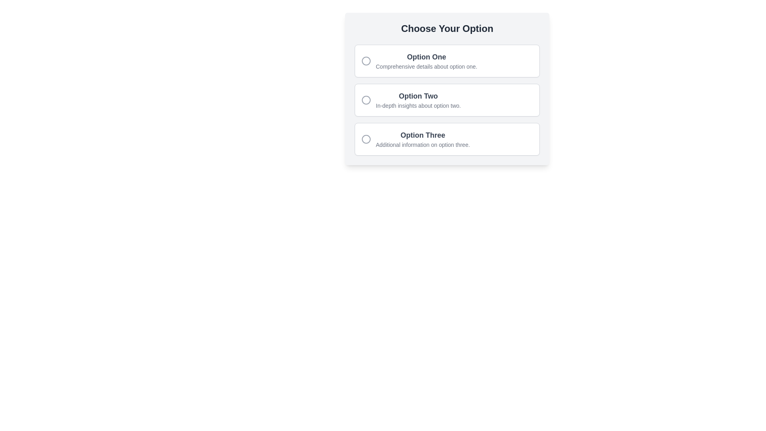 This screenshot has height=431, width=766. I want to click on the 'Option Two' selectable option card, so click(447, 89).